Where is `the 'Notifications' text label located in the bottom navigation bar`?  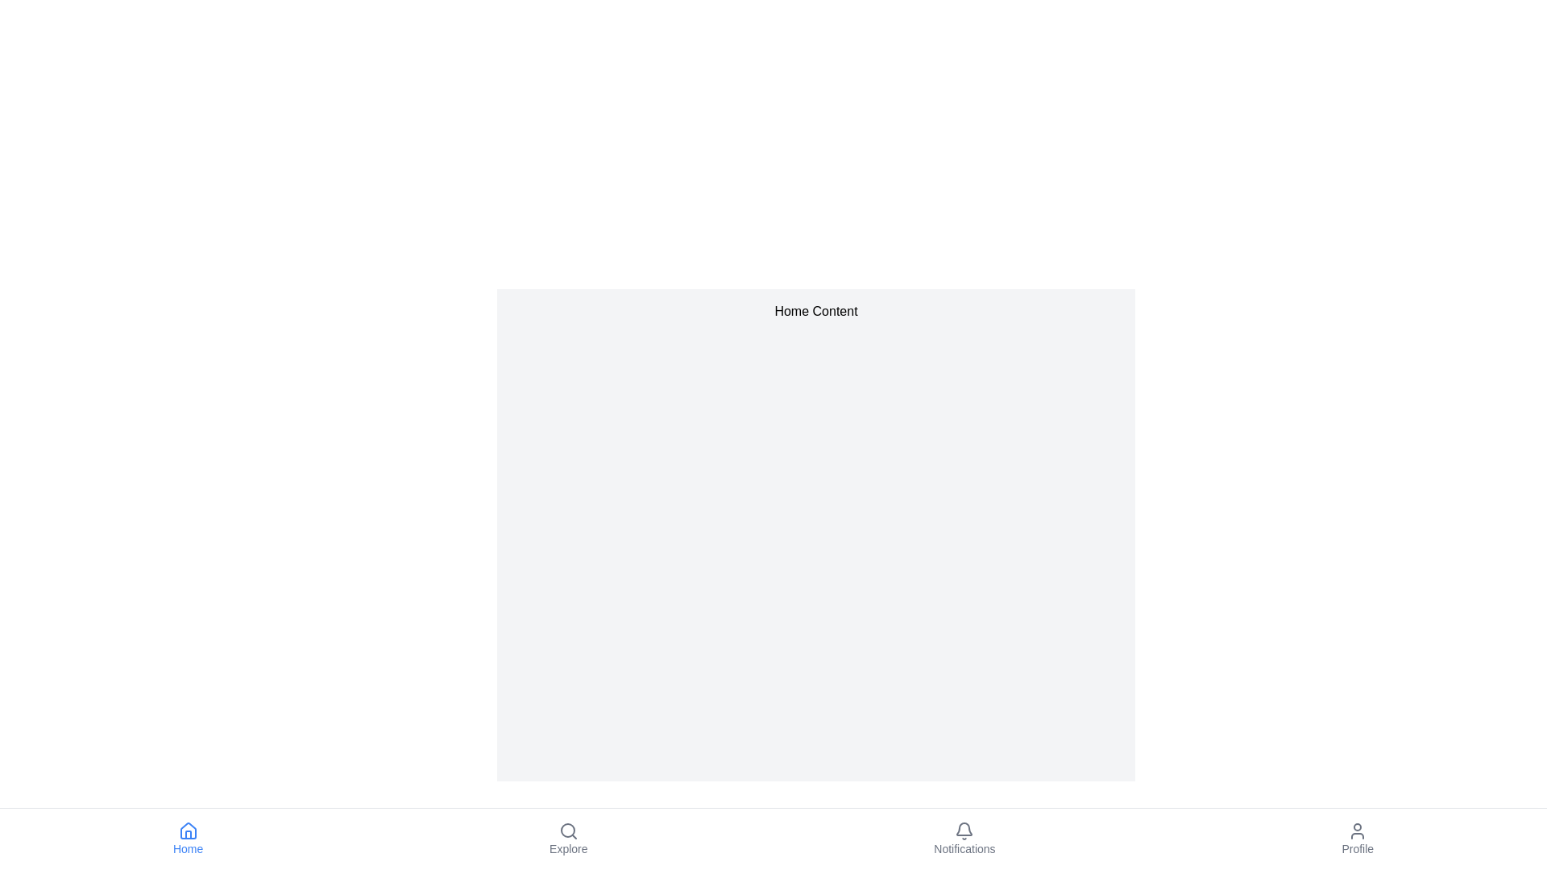 the 'Notifications' text label located in the bottom navigation bar is located at coordinates (964, 847).